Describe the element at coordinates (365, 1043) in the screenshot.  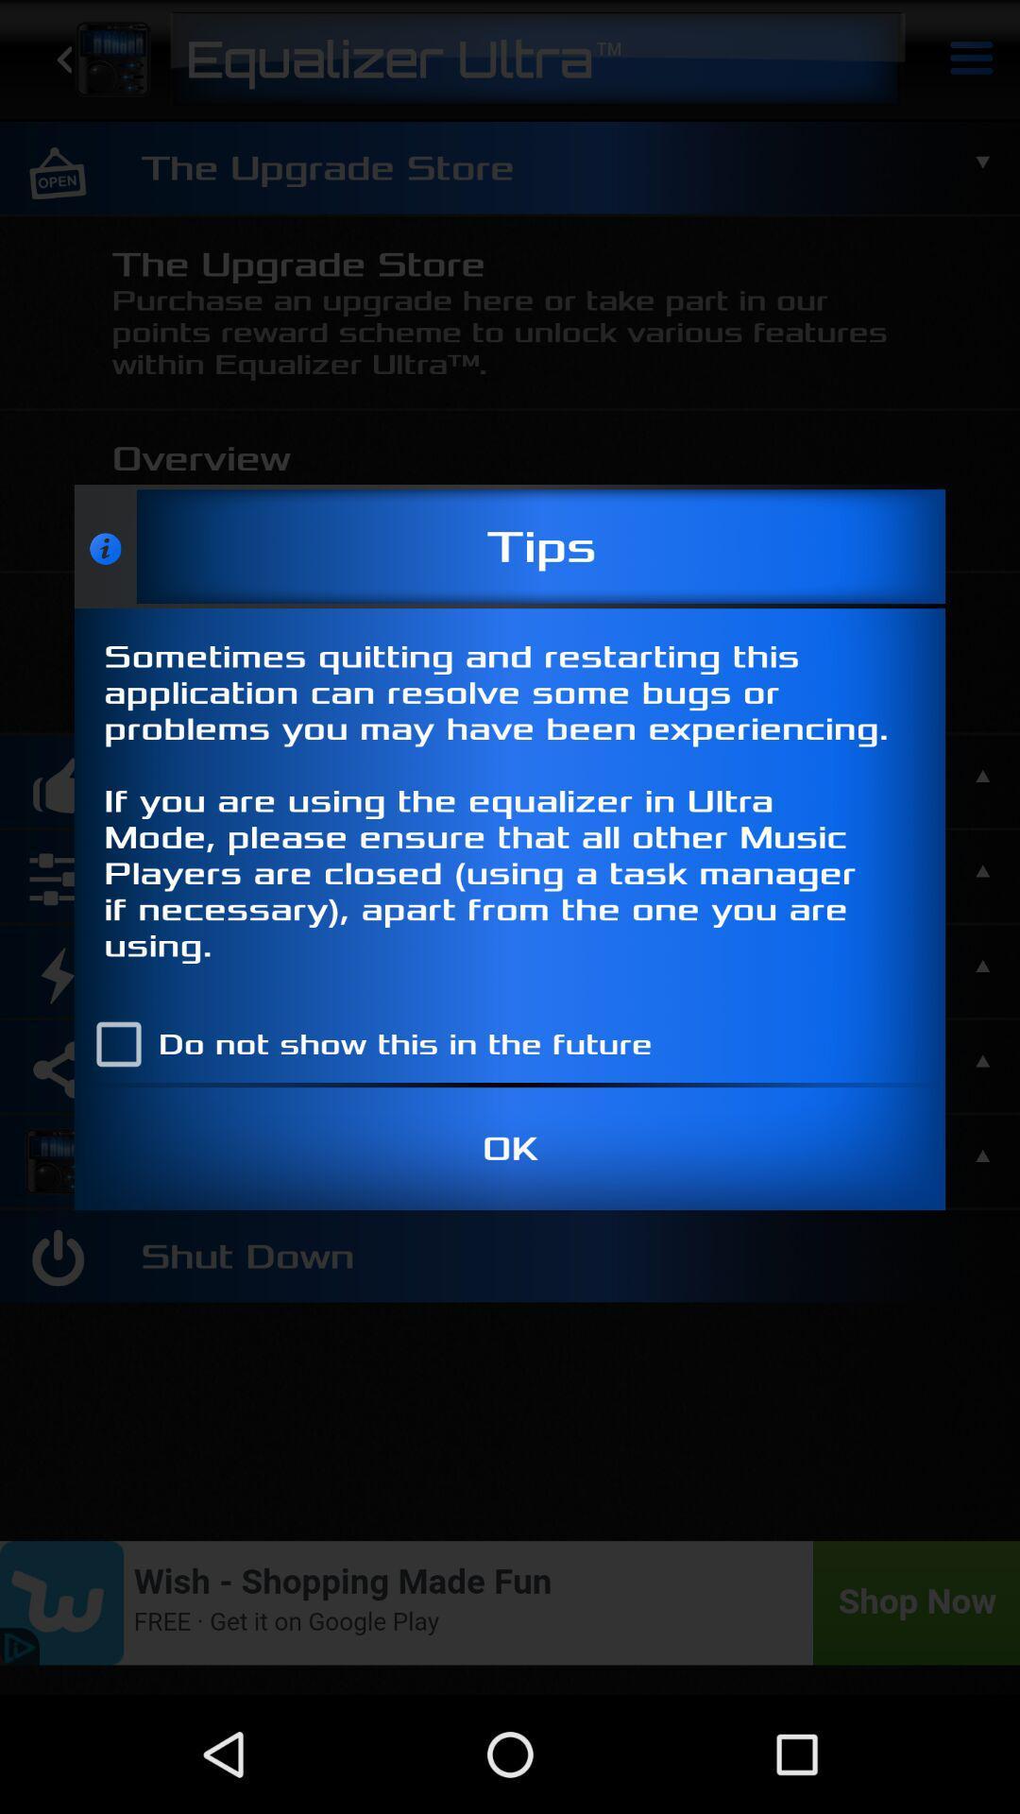
I see `icon below the sometimes quitting and` at that location.